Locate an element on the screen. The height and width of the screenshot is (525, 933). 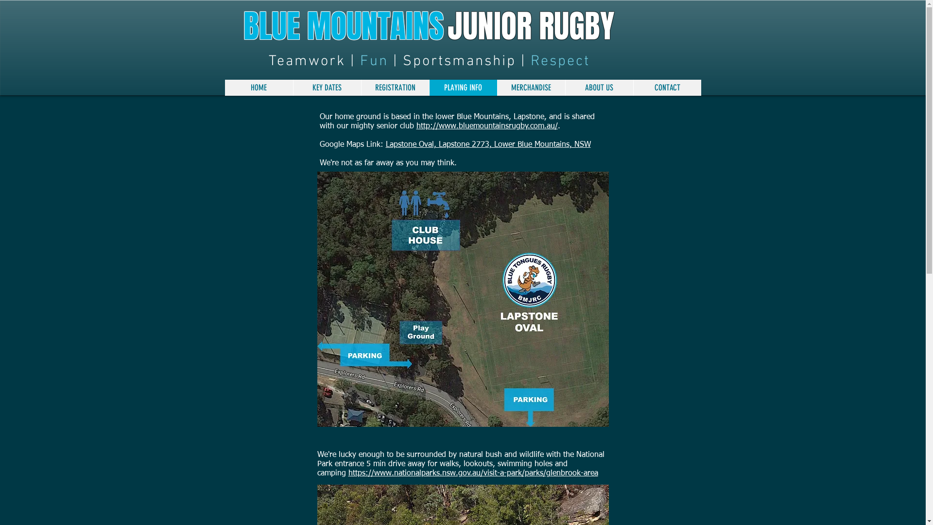
'ABOUT US' is located at coordinates (564, 87).